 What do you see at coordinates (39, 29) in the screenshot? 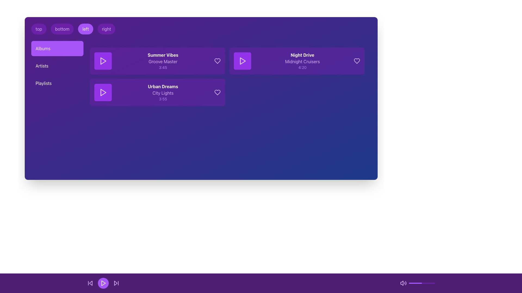
I see `the rounded button displaying 'top' in light purple font against a dark purple background` at bounding box center [39, 29].